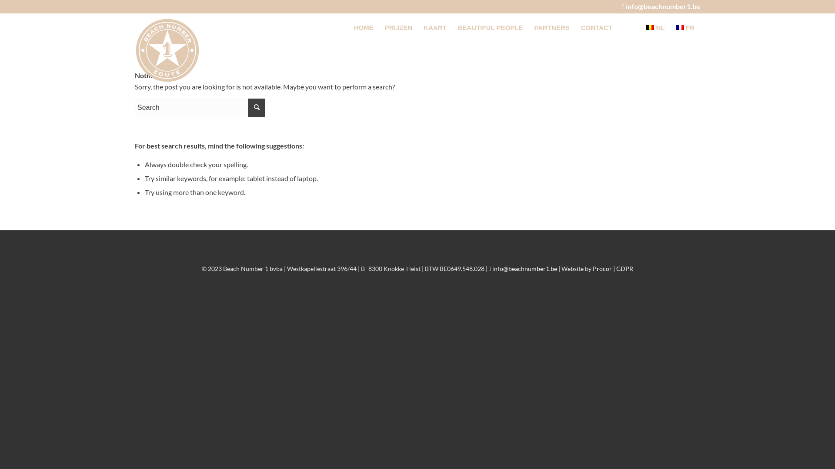 Image resolution: width=835 pixels, height=469 pixels. What do you see at coordinates (685, 27) in the screenshot?
I see `'FR'` at bounding box center [685, 27].